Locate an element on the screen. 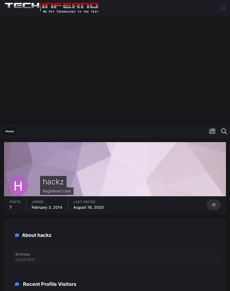 The image size is (230, 291). 'Birthday' is located at coordinates (23, 254).